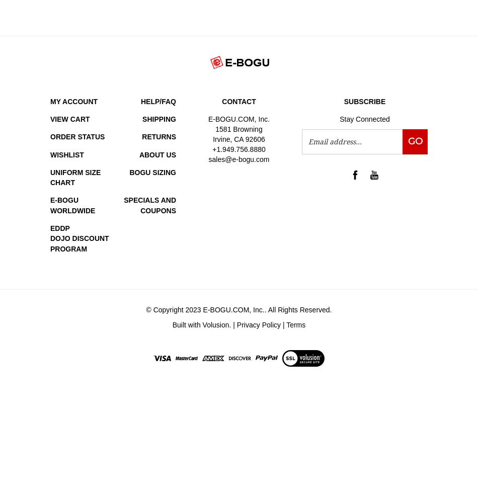  What do you see at coordinates (75, 177) in the screenshot?
I see `'Uniform Size Chart'` at bounding box center [75, 177].